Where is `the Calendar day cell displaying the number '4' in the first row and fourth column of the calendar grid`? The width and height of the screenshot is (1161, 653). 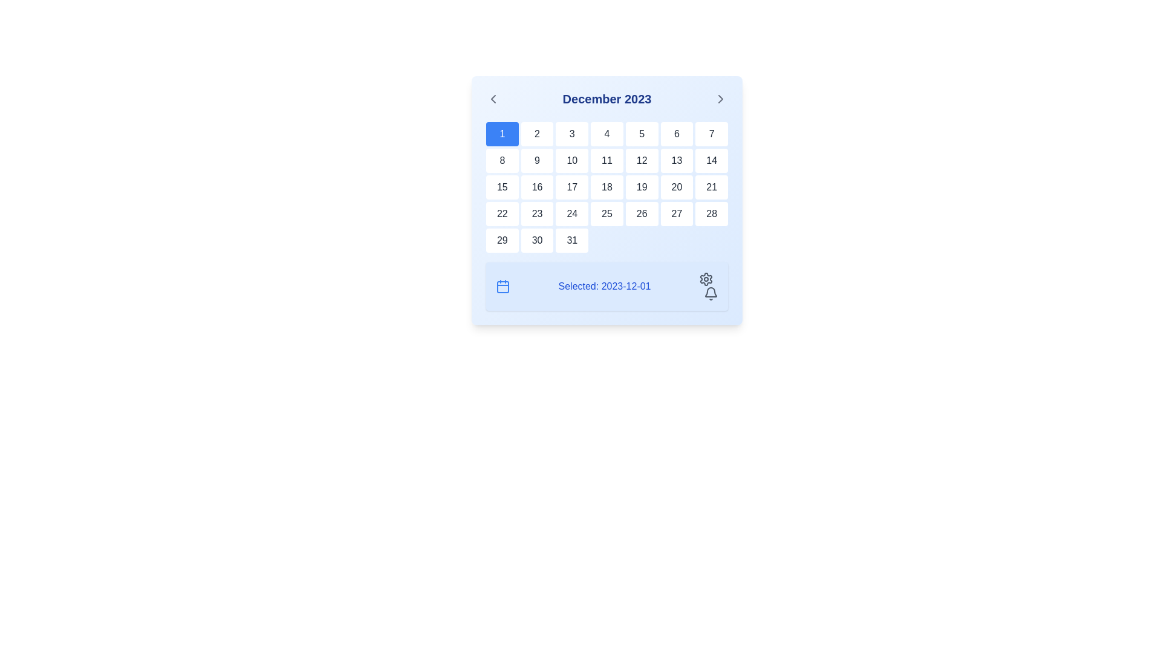 the Calendar day cell displaying the number '4' in the first row and fourth column of the calendar grid is located at coordinates (607, 134).